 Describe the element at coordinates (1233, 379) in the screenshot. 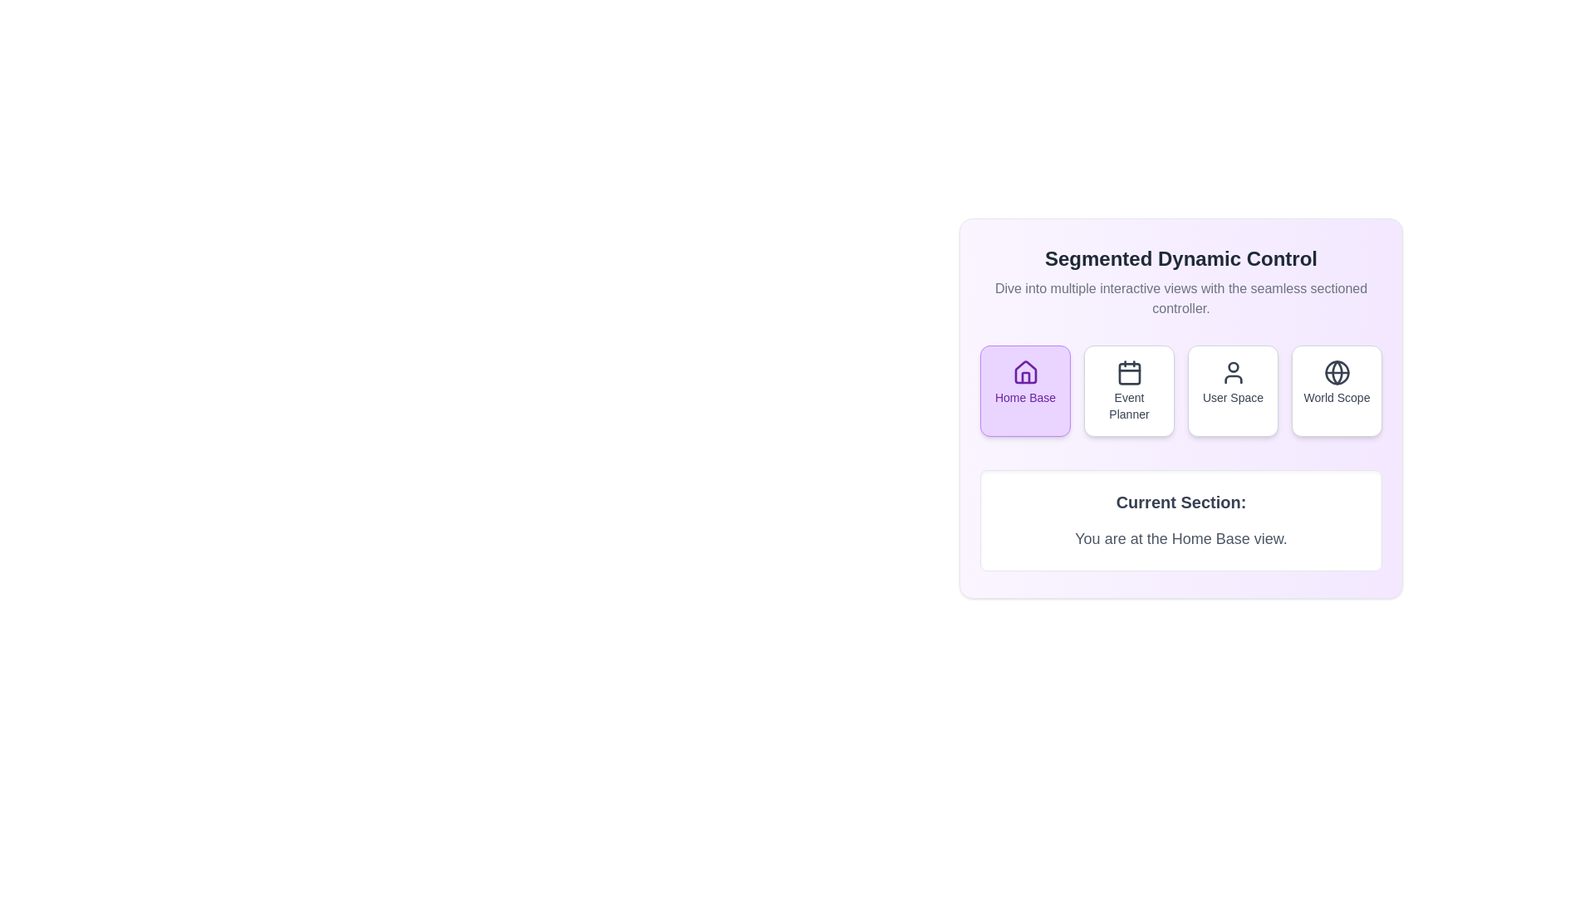

I see `the decorative part of the 'User Space' button icon, which is a component of the user icon located in the 'Segmented Dynamic Control' section` at that location.